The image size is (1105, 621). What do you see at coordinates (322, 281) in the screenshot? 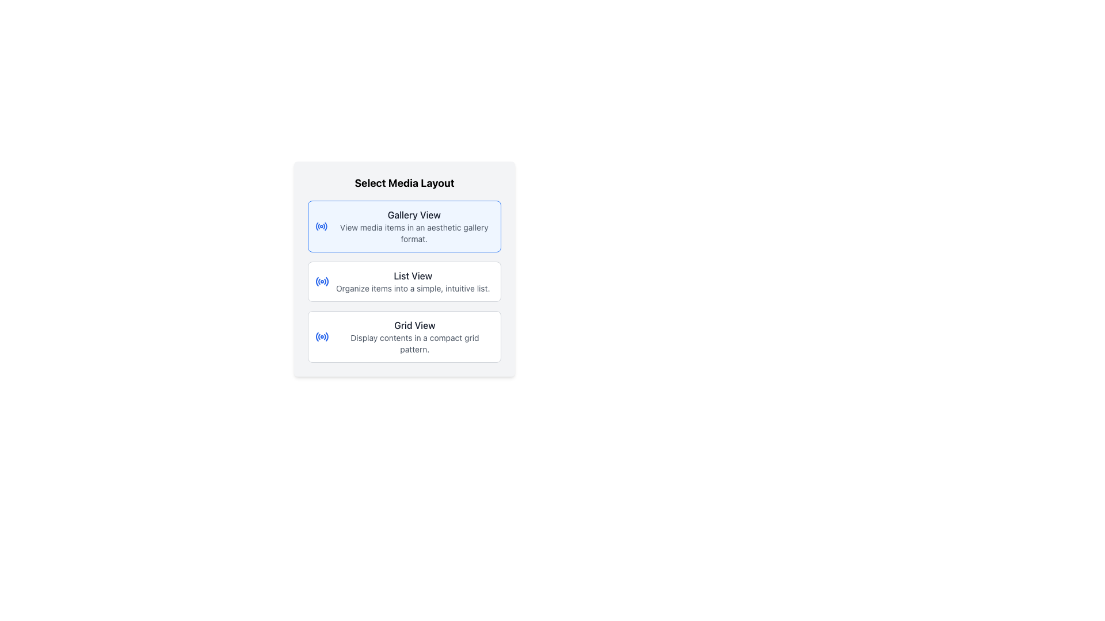
I see `the circular blue radio icon located to the left of the 'List View' text` at bounding box center [322, 281].